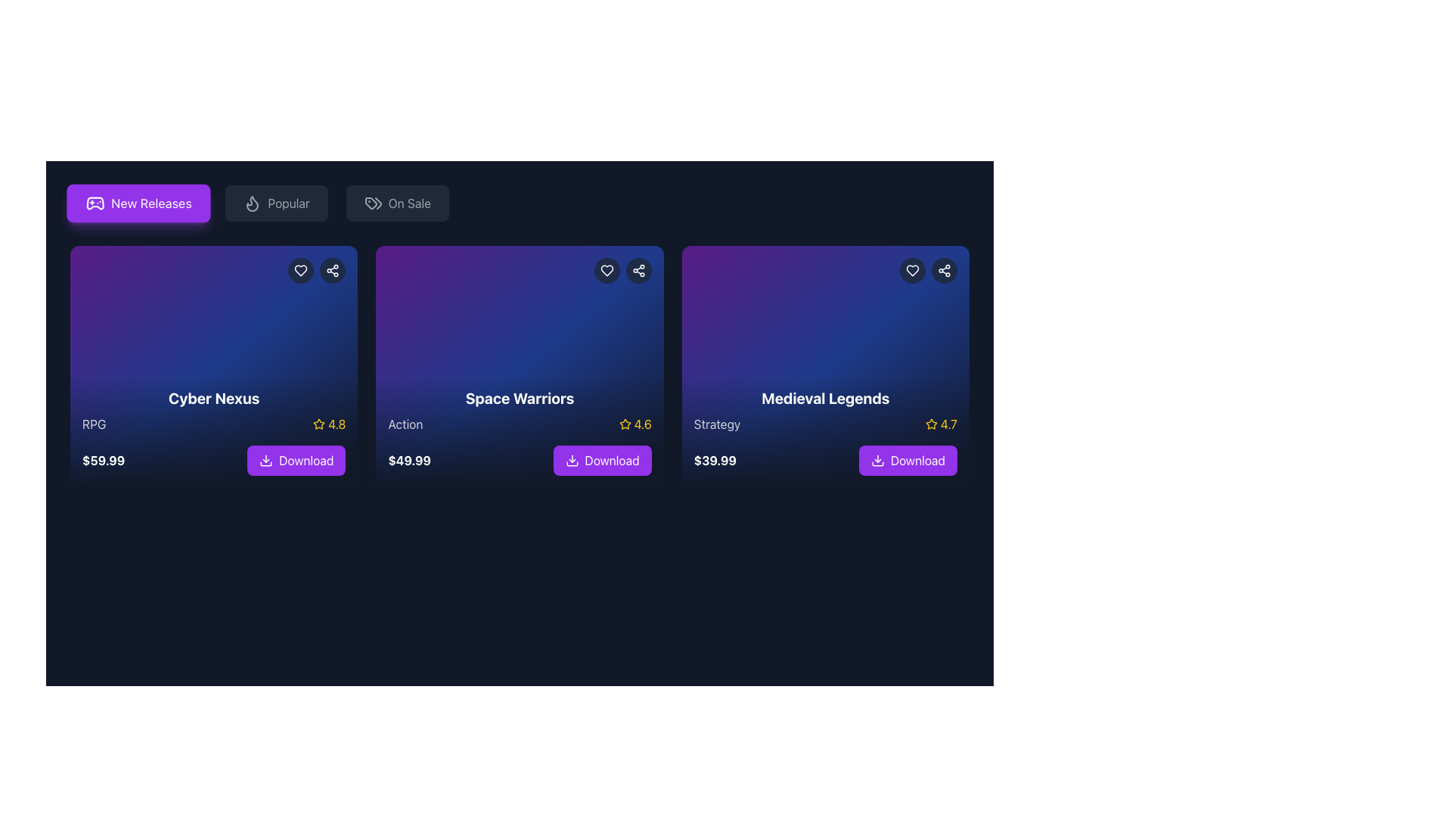 The image size is (1452, 817). What do you see at coordinates (824, 424) in the screenshot?
I see `informational row indicating the genre 'Strategy' and the aggregated rating of the item located beneath the title 'Medieval Legends' and above the pricing text` at bounding box center [824, 424].